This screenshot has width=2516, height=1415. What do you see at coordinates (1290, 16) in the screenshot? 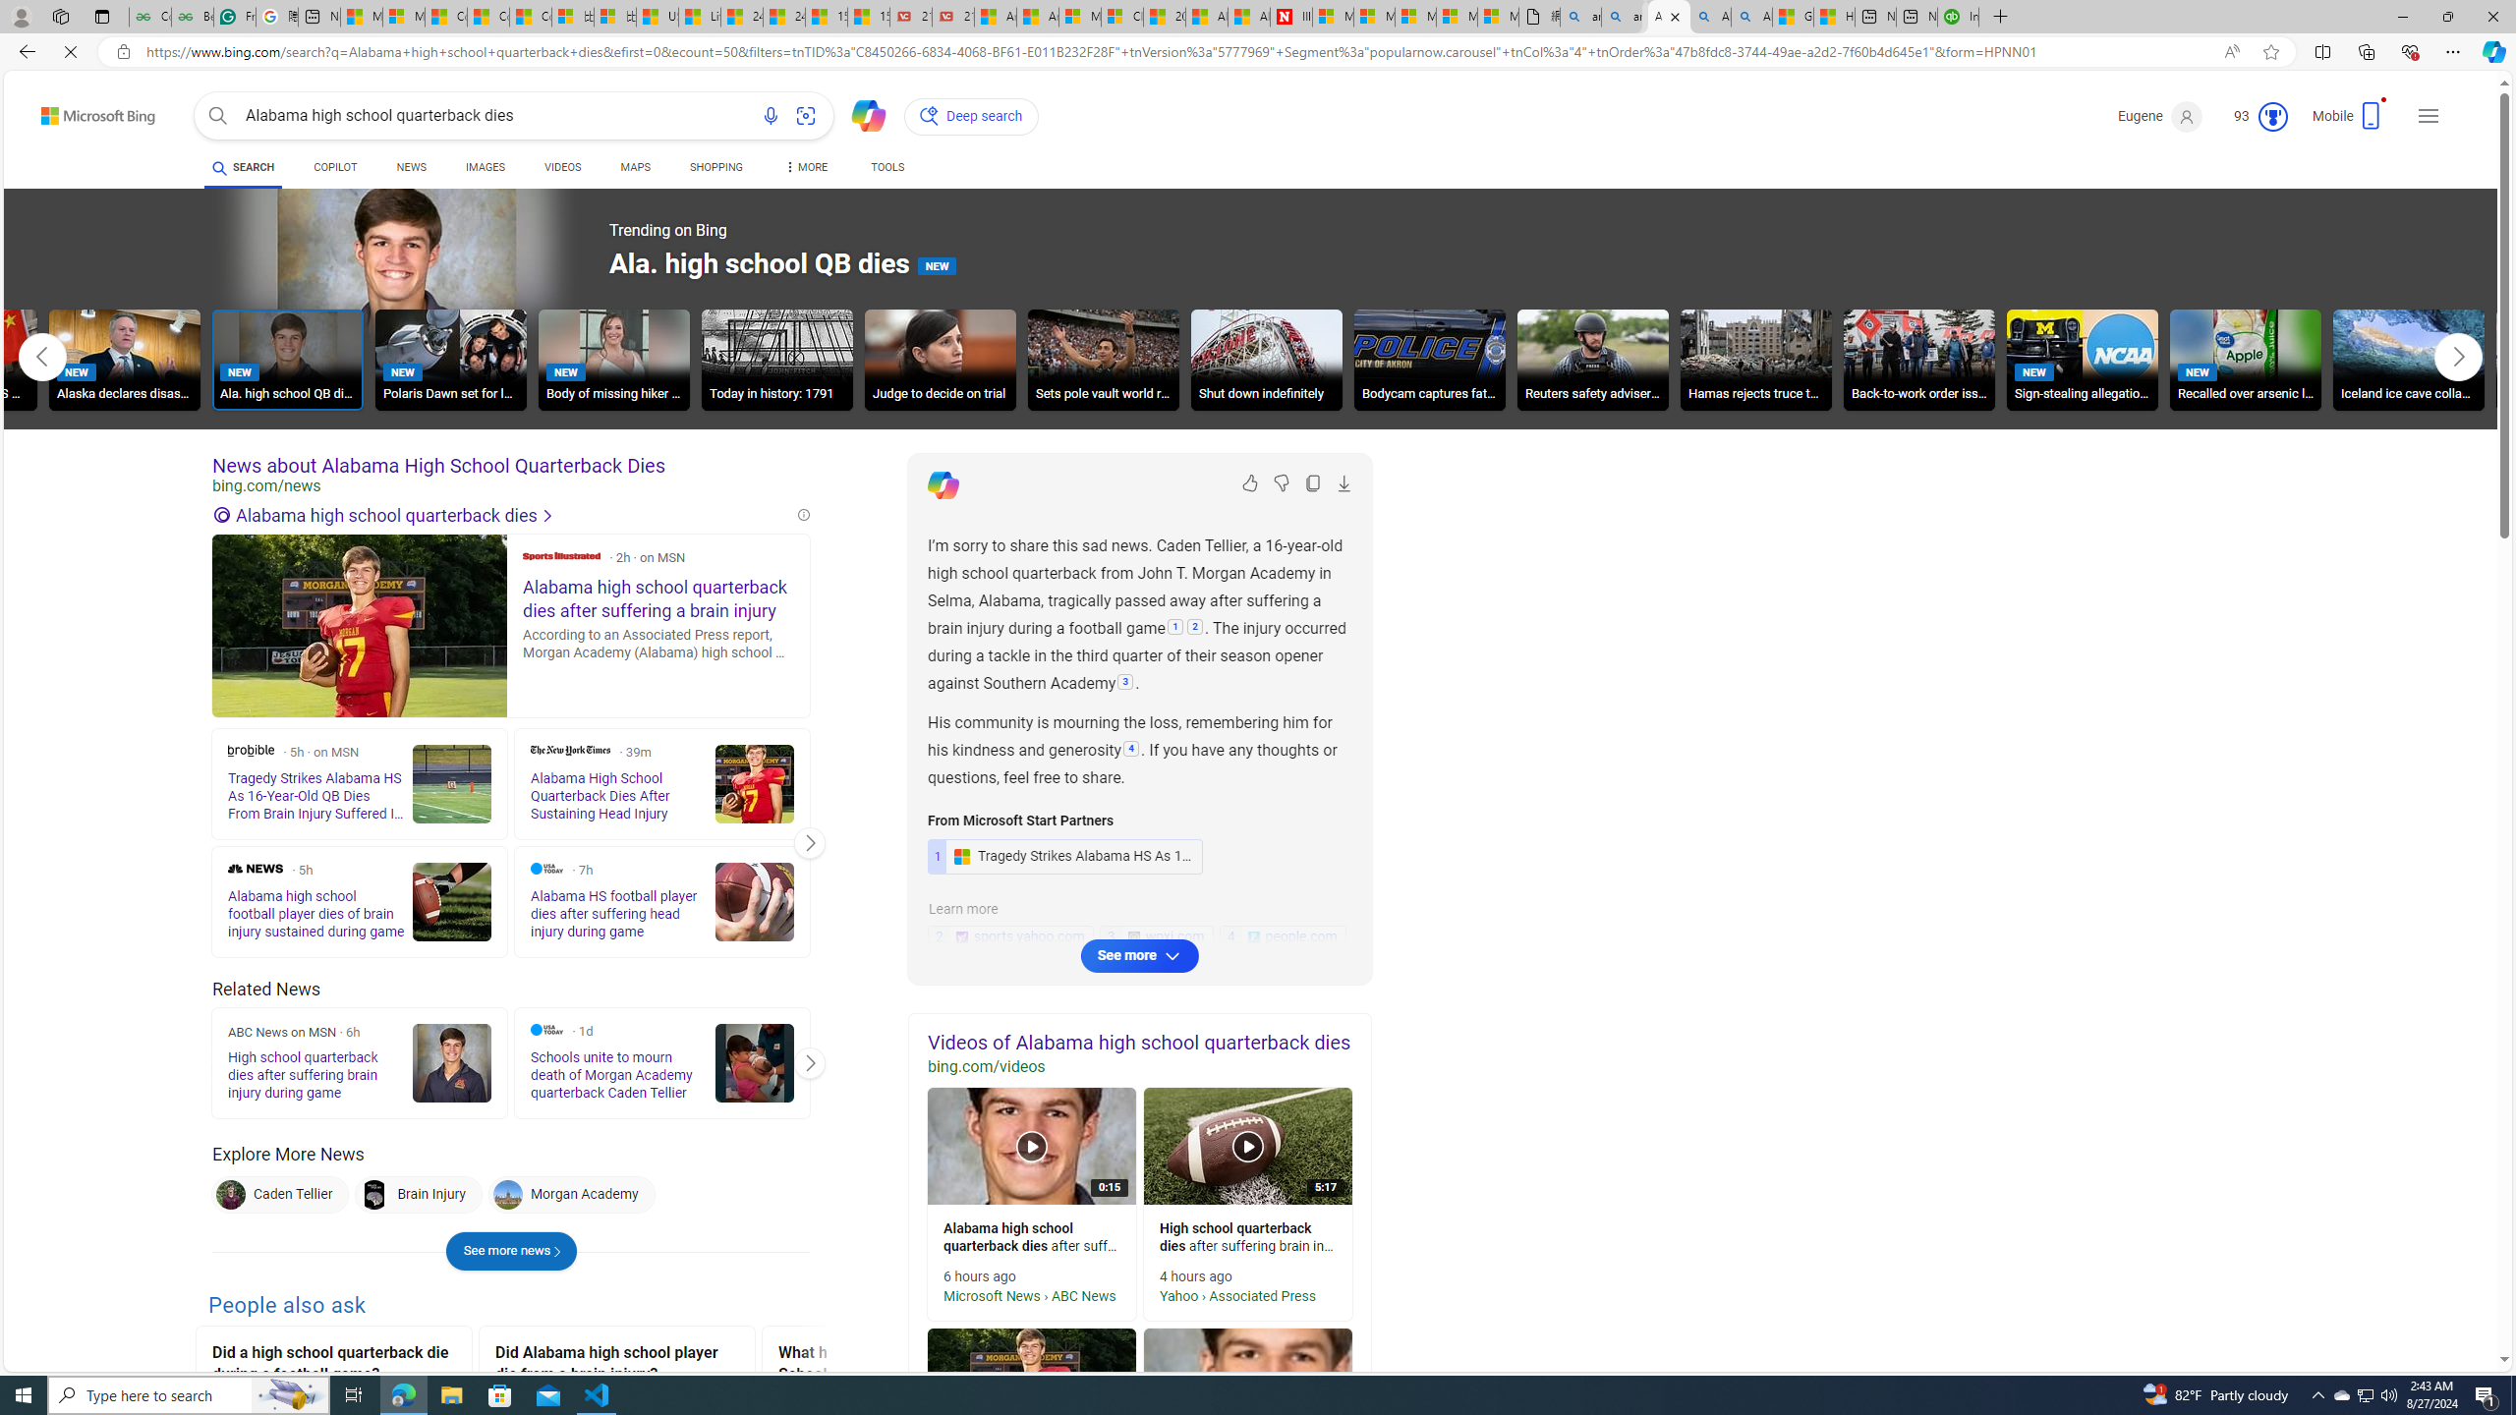
I see `'Illness news & latest pictures from Newsweek.com'` at bounding box center [1290, 16].